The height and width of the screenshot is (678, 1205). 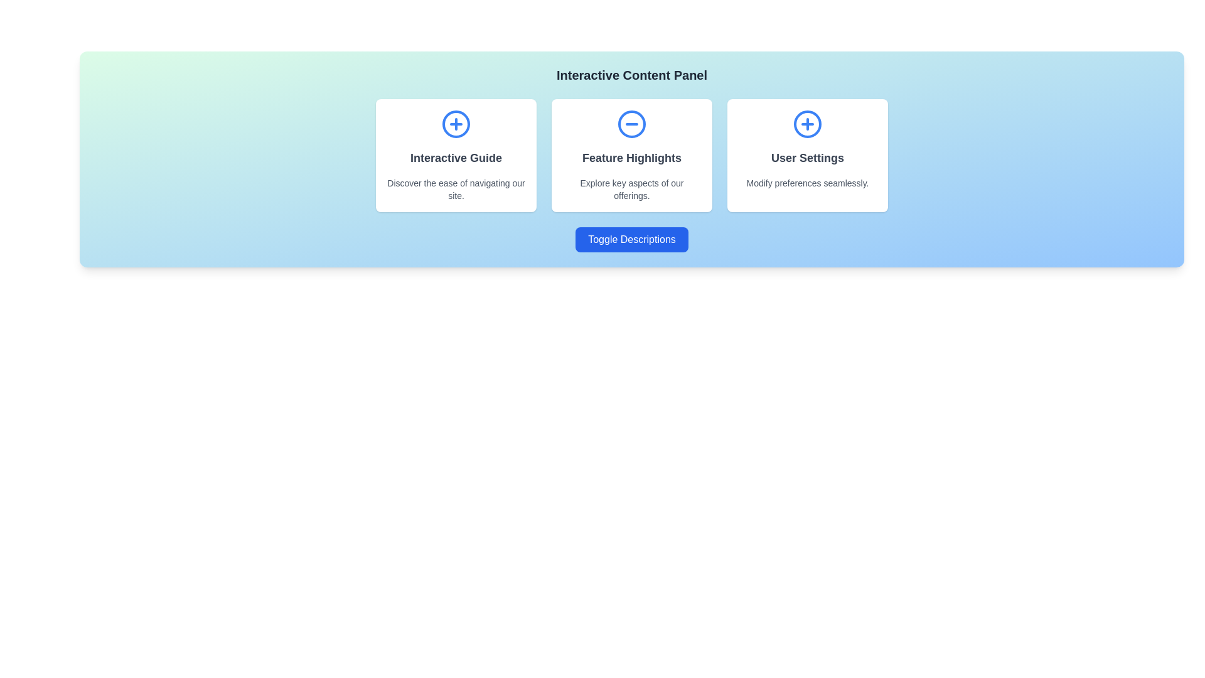 I want to click on the 'User Settings' title label located below the plus icon in the card-like UI component, so click(x=807, y=157).